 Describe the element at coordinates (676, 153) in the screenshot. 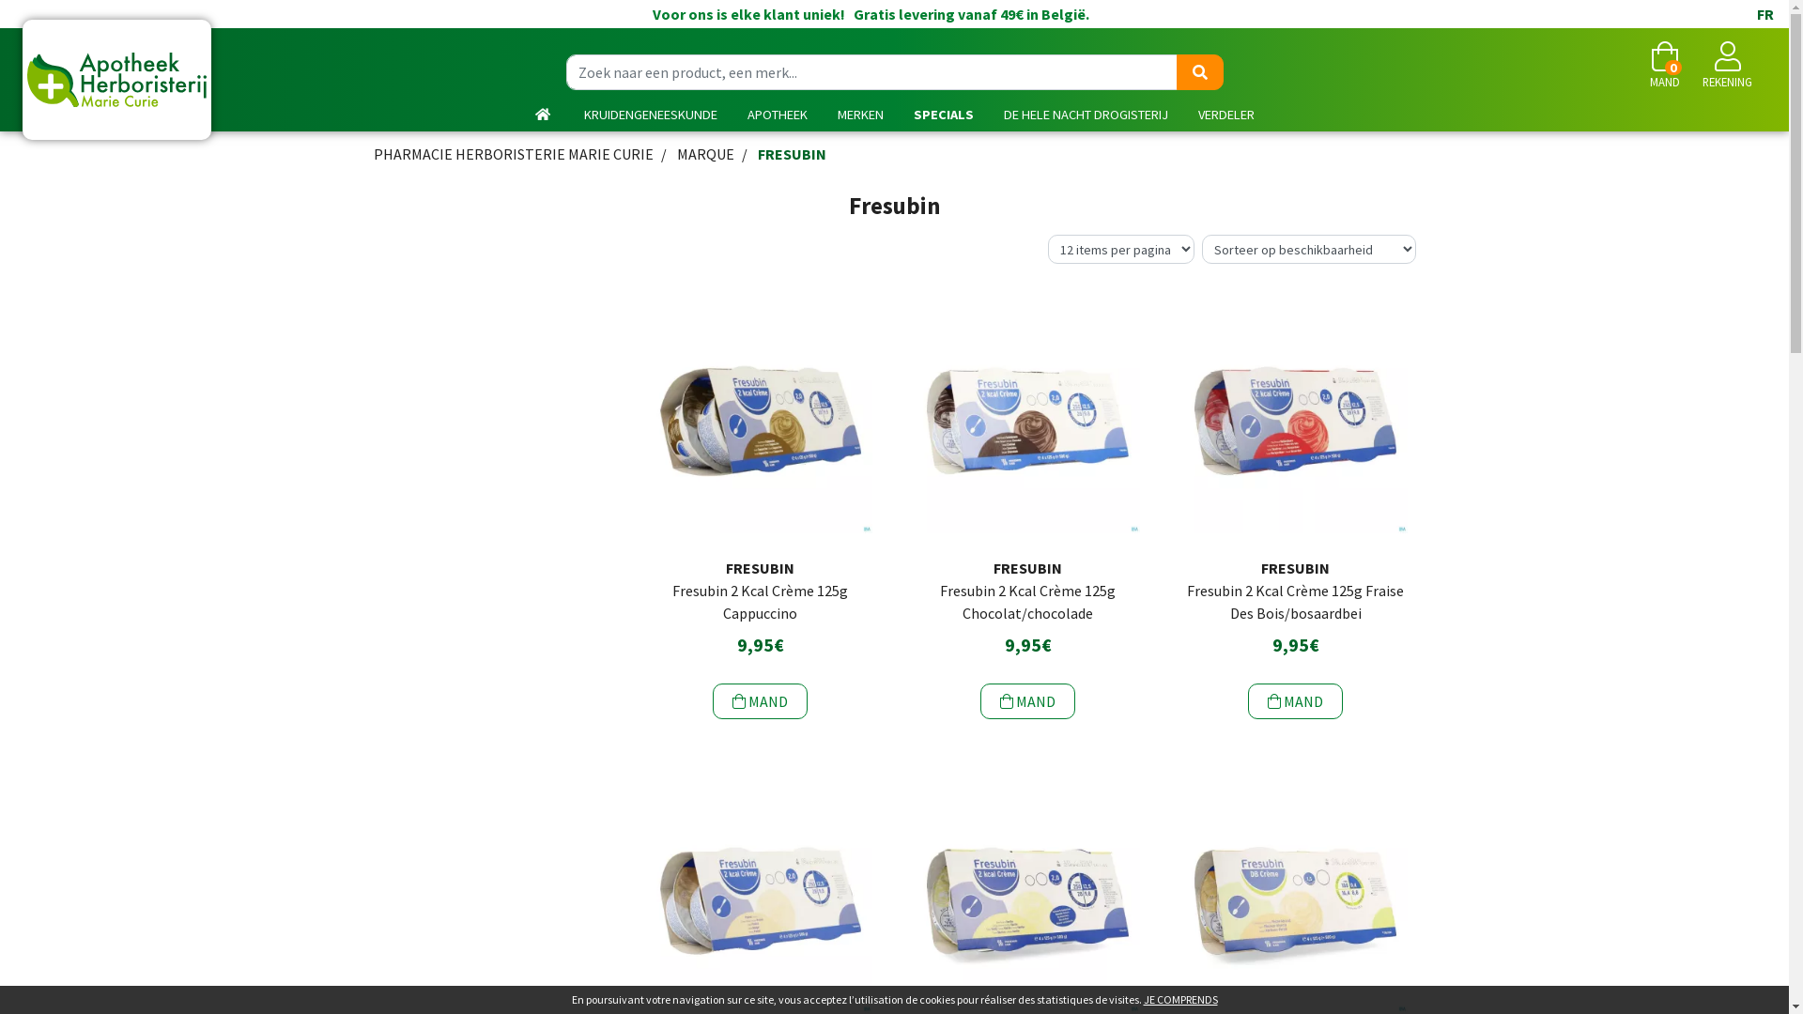

I see `'MARQUE'` at that location.